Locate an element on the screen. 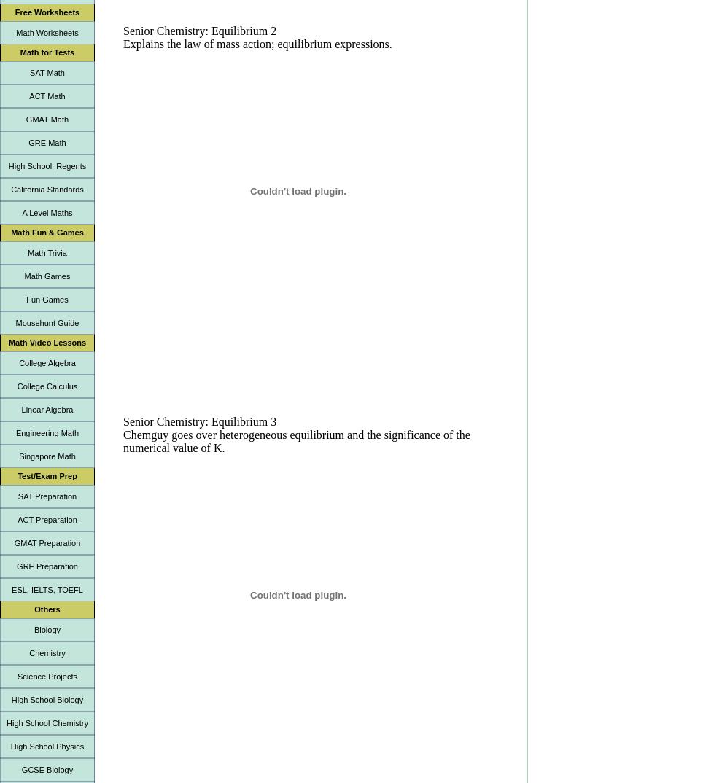  'ACT Math' is located at coordinates (47, 95).